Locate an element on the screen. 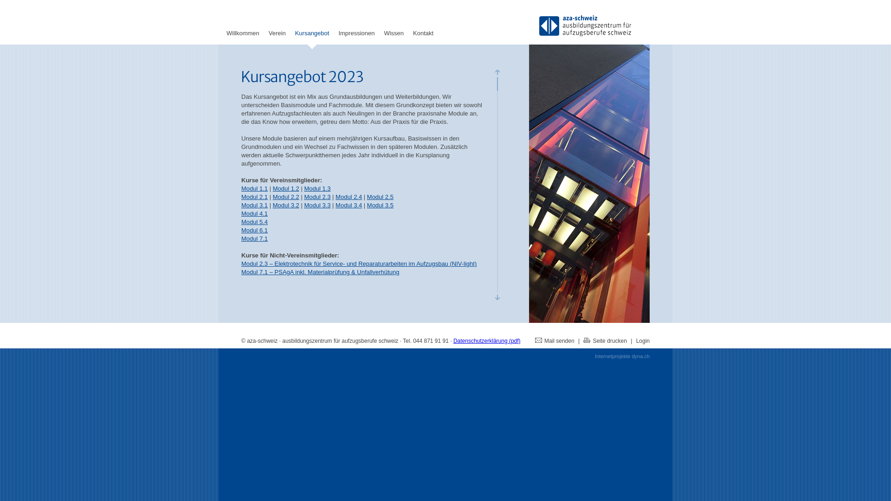 Image resolution: width=891 pixels, height=501 pixels. 'Modul 2.5' is located at coordinates (367, 196).